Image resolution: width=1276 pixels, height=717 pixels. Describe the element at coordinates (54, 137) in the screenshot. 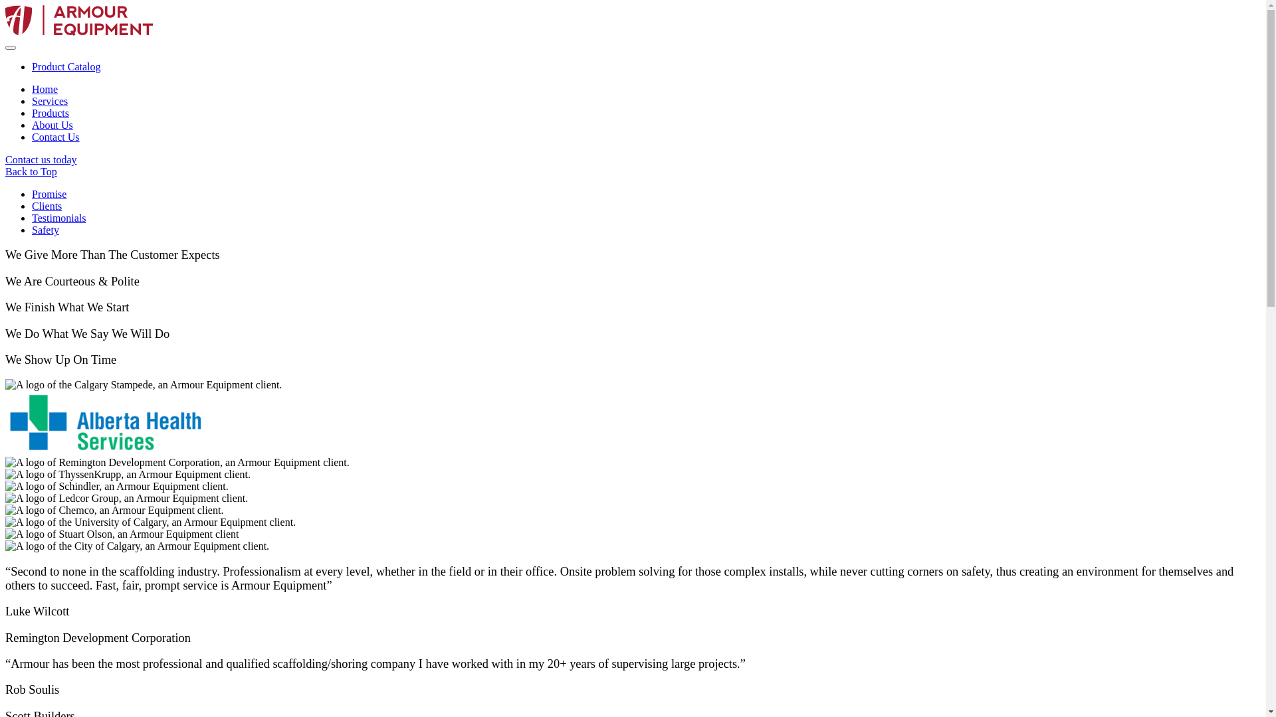

I see `'Contact Us'` at that location.